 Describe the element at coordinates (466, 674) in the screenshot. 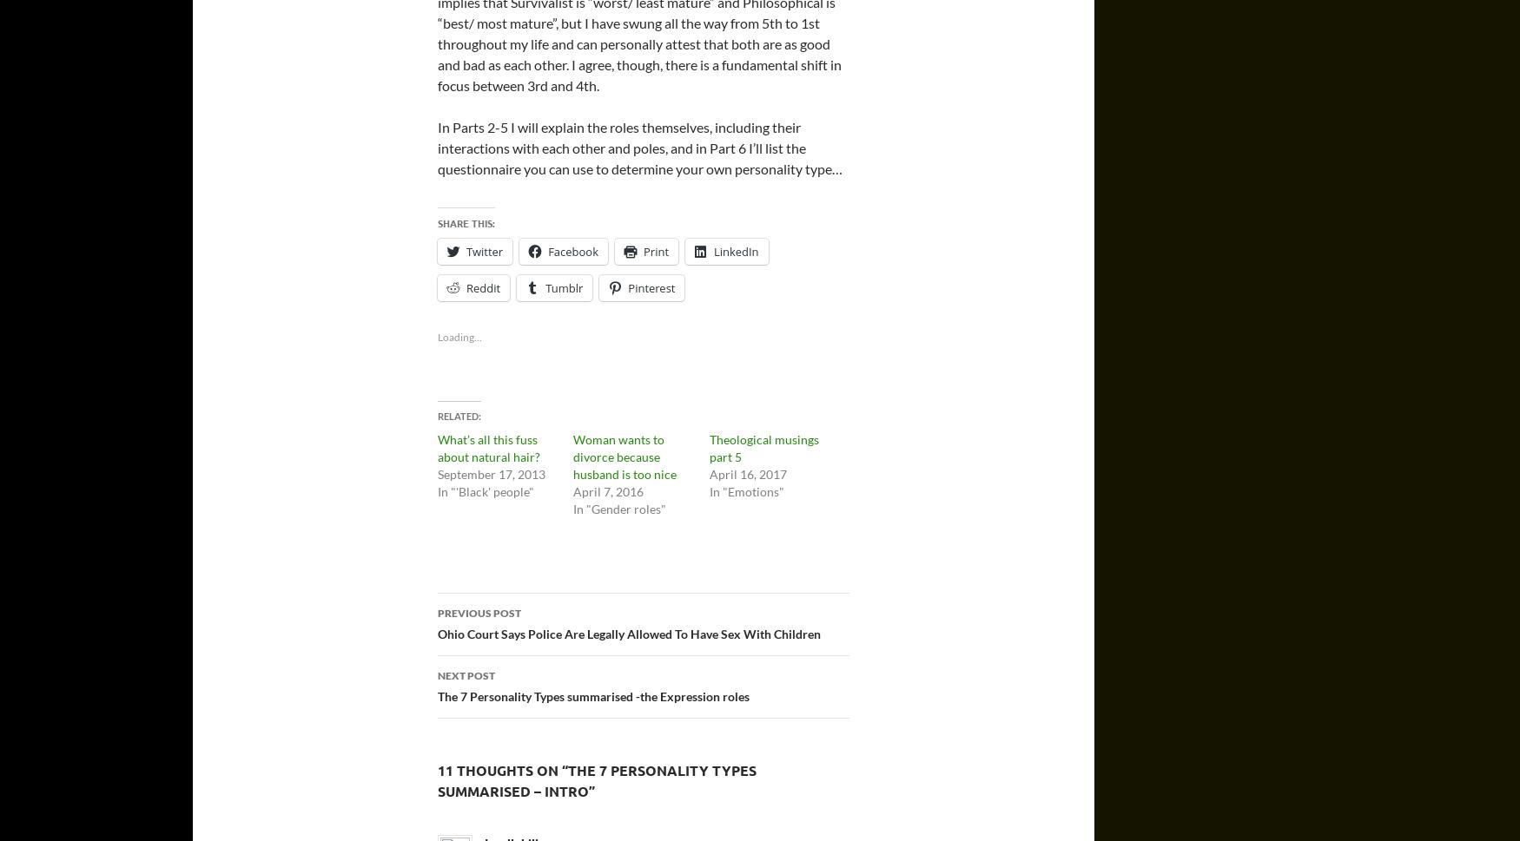

I see `'Next Post'` at that location.